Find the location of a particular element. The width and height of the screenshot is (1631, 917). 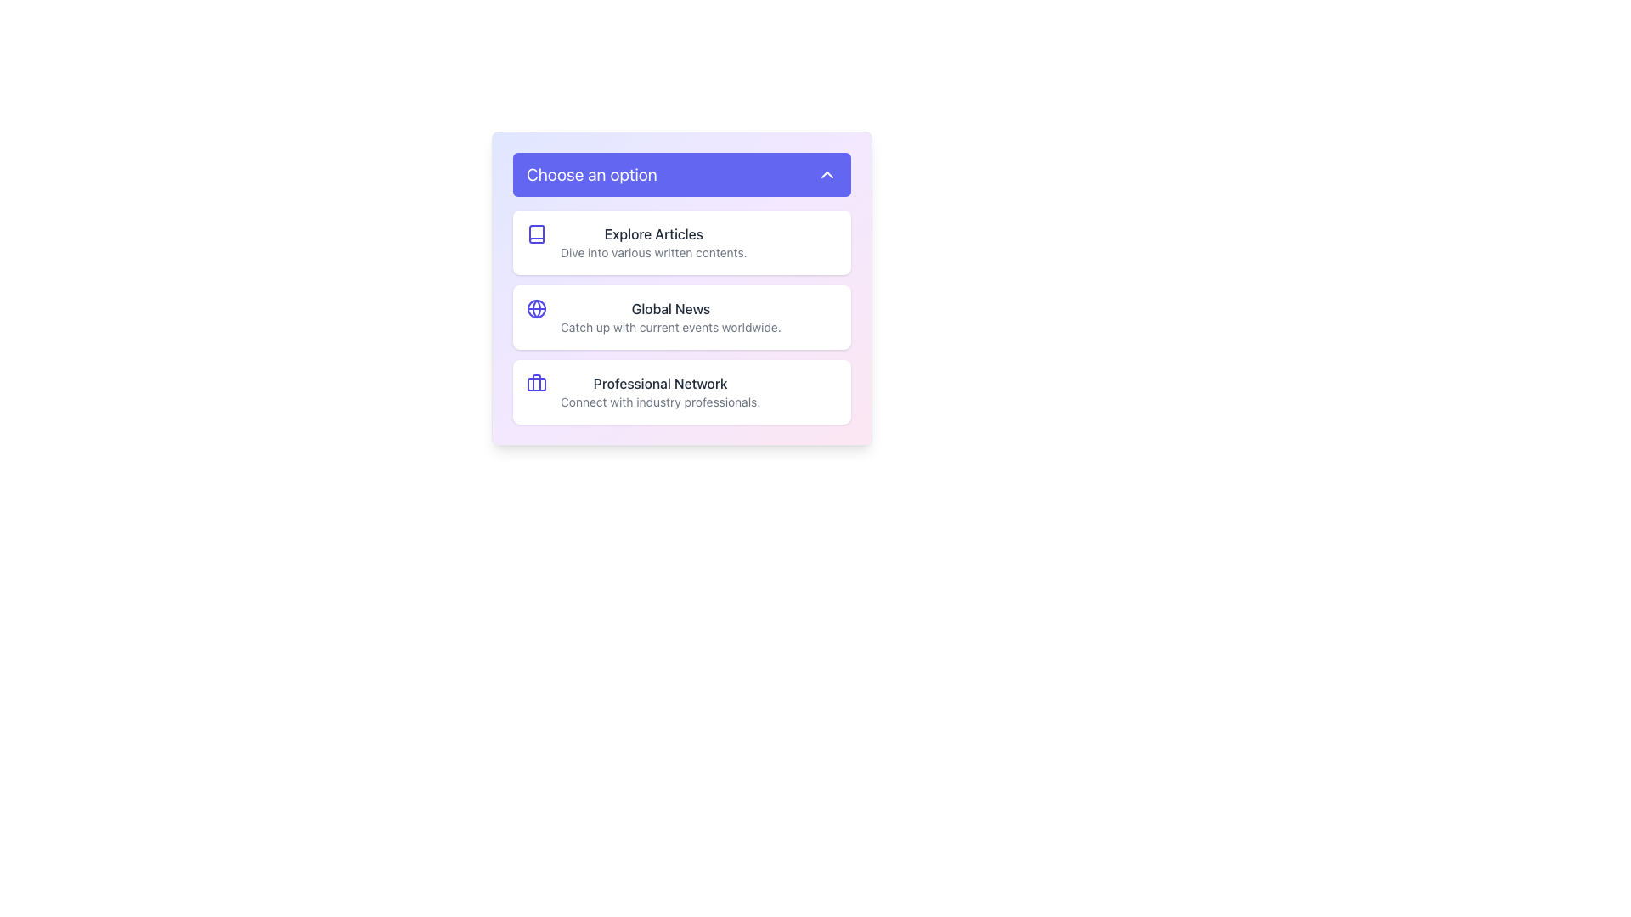

the decorative globe icon representing 'Global News' located in the second interactive option of the vertical list is located at coordinates (536, 308).